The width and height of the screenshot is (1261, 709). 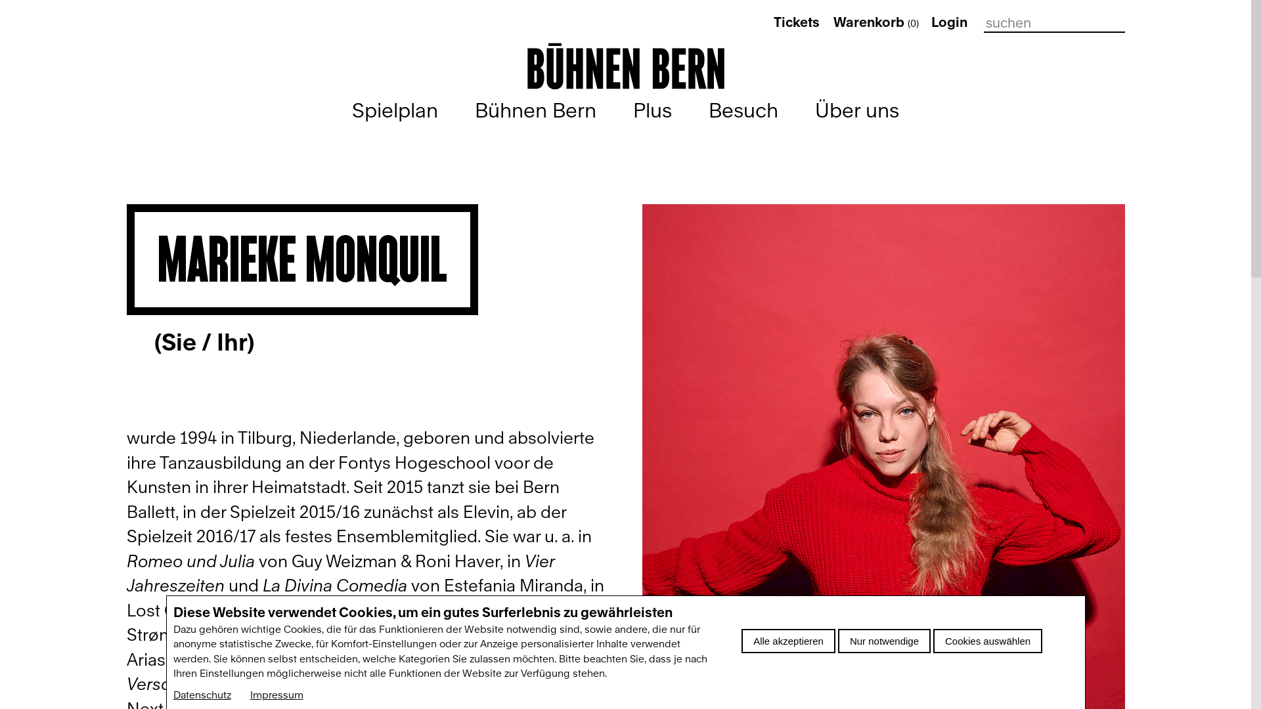 I want to click on 'Spielplan', so click(x=394, y=110).